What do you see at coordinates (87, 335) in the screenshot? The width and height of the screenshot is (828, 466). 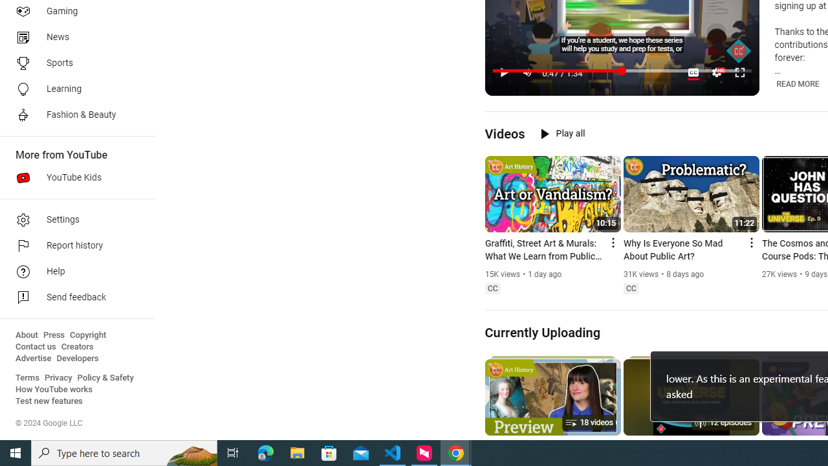 I see `'Copyright'` at bounding box center [87, 335].